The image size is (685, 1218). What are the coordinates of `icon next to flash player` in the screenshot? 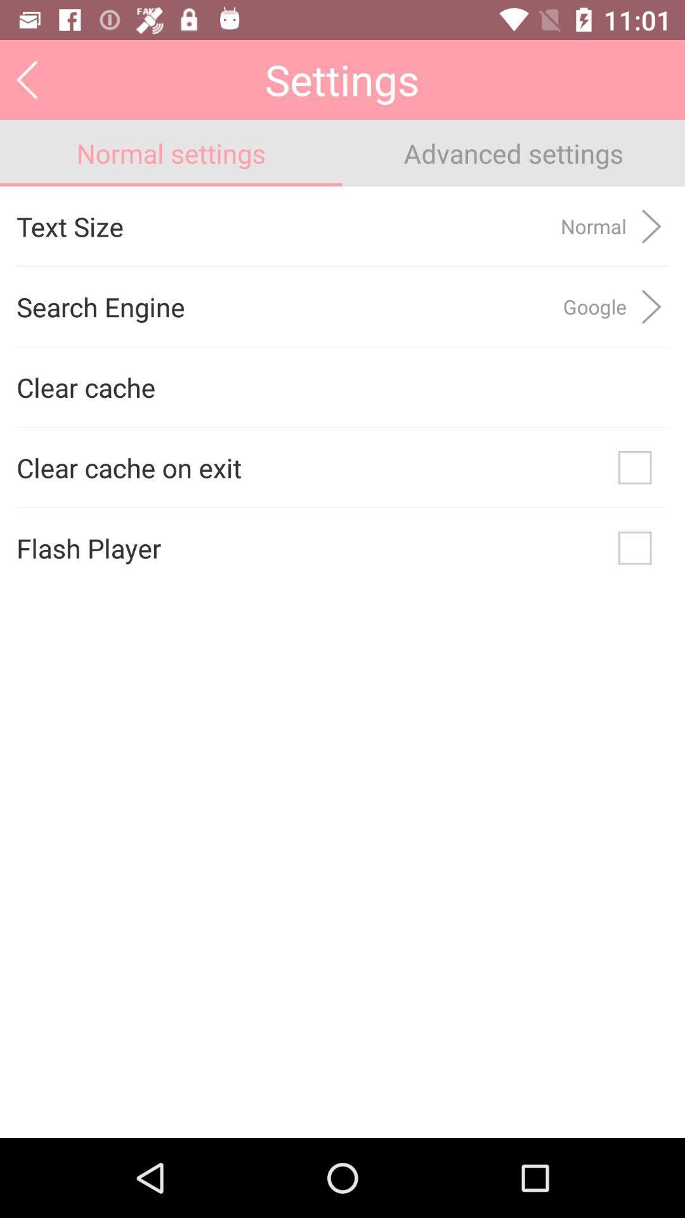 It's located at (635, 548).